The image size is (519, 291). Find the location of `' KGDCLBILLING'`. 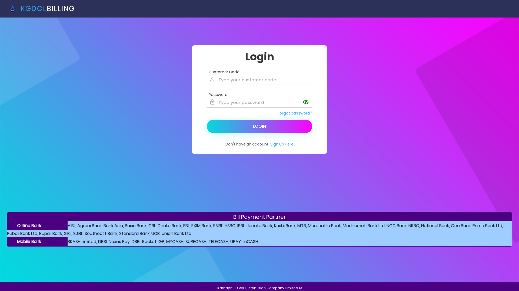

' KGDCLBILLING' is located at coordinates (41, 9).